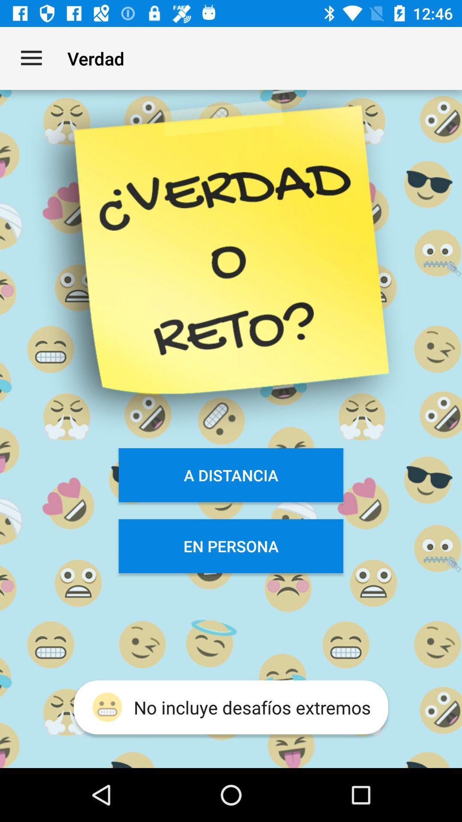 The width and height of the screenshot is (462, 822). What do you see at coordinates (231, 707) in the screenshot?
I see `the icon below en persona` at bounding box center [231, 707].